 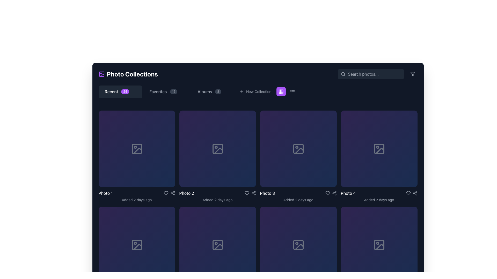 I want to click on the SVG rectangle with rounded corners inside the photo placeholder icon located in the fourth row and fourth column of the grid layout, so click(x=298, y=245).